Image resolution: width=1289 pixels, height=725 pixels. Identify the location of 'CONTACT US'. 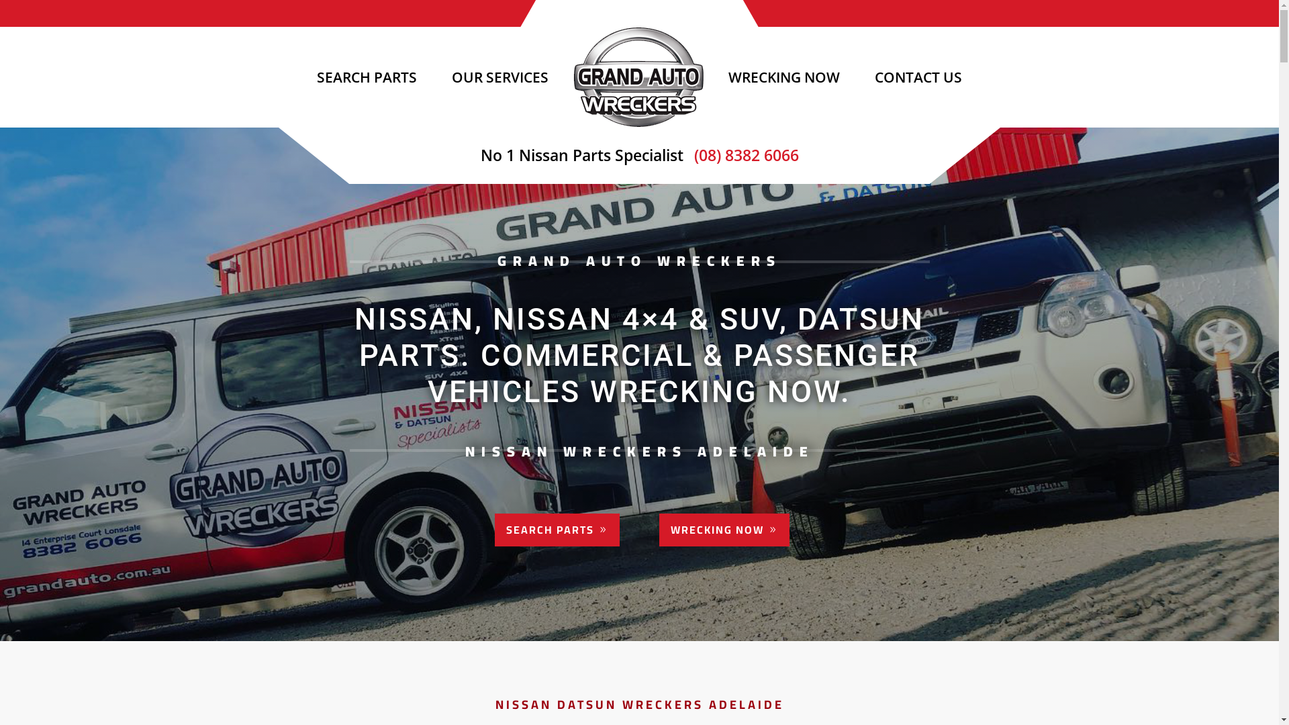
(918, 77).